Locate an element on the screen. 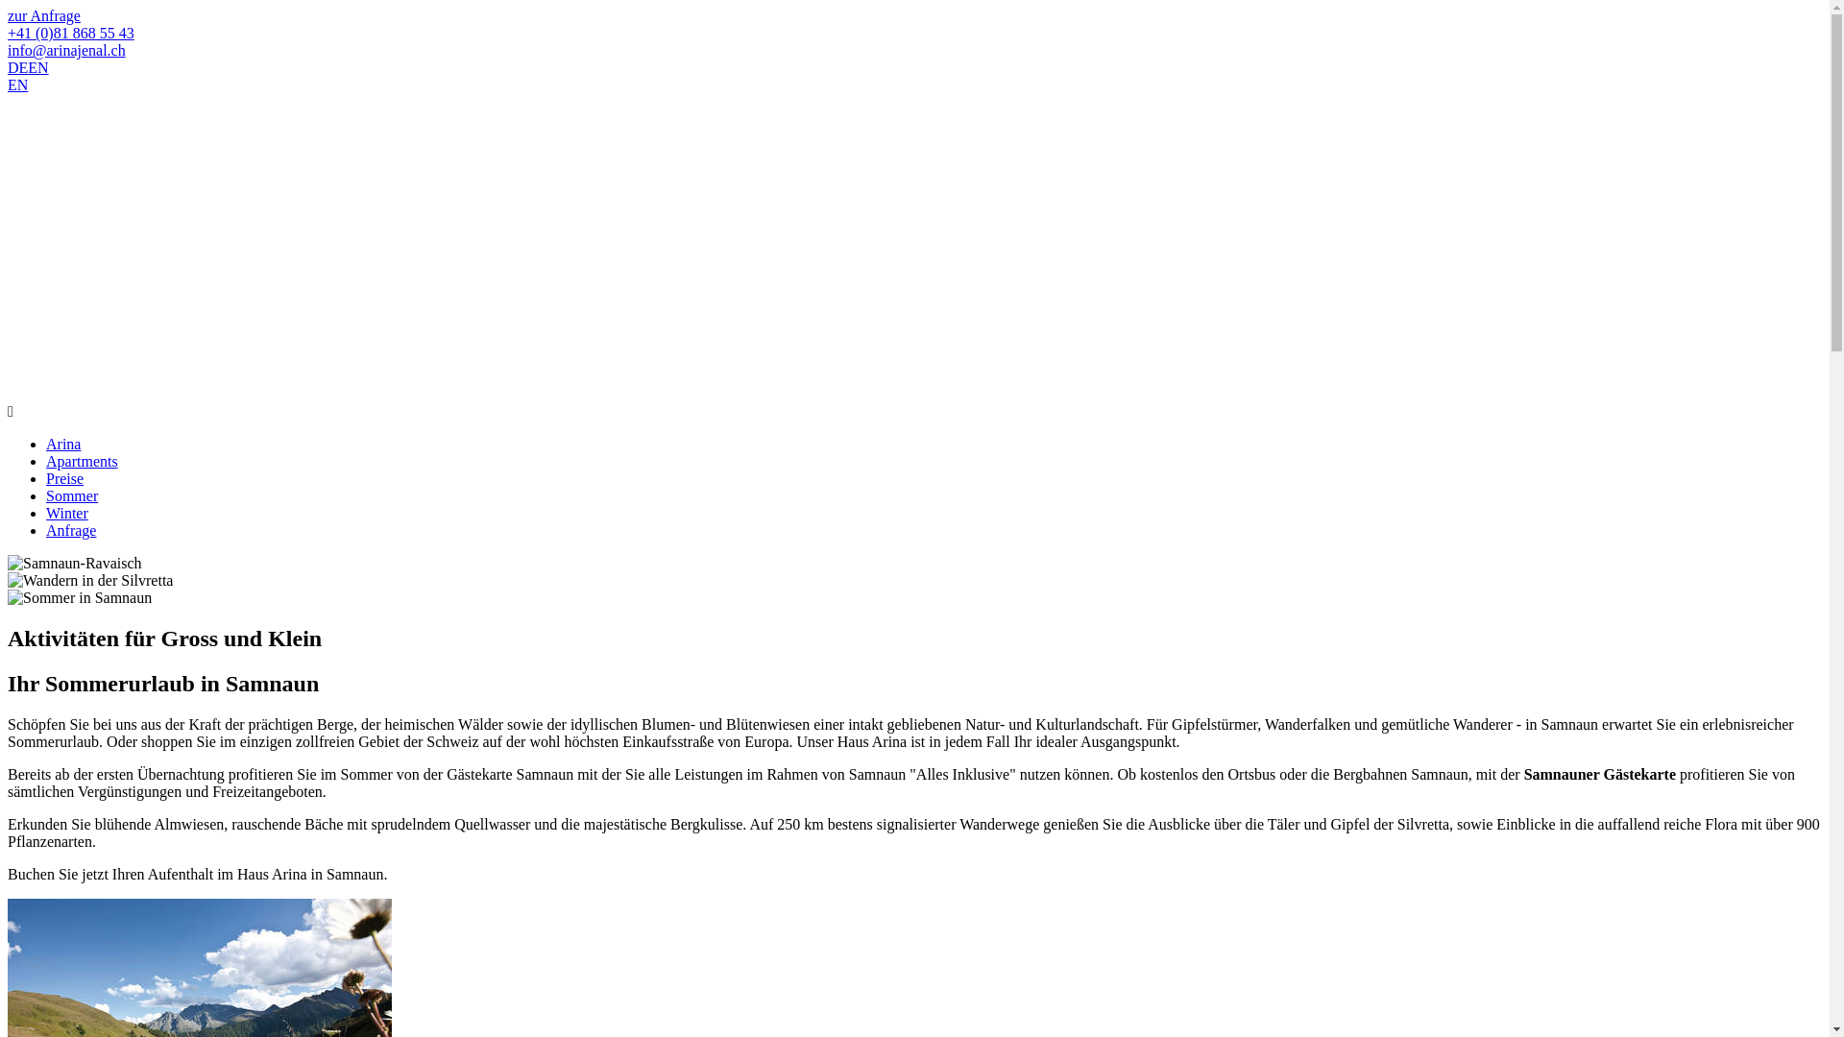 This screenshot has width=1844, height=1037. 'zur Anfrage' is located at coordinates (8, 15).